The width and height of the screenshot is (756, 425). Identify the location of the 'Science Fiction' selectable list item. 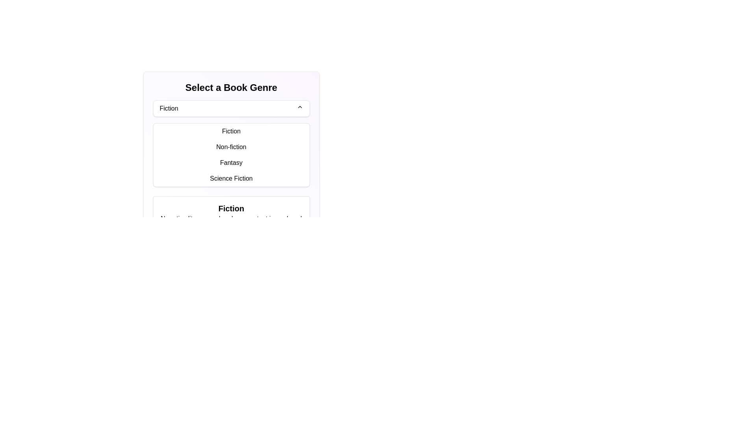
(231, 179).